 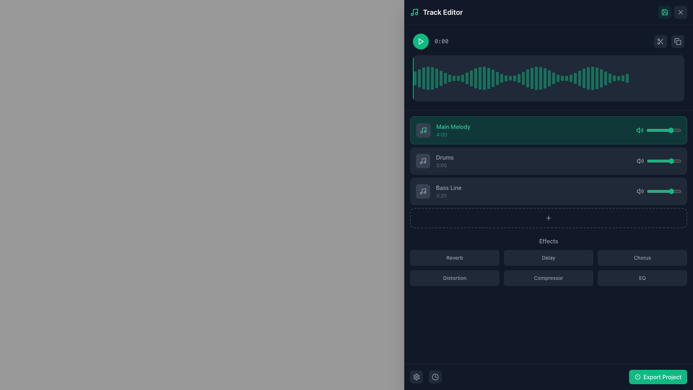 What do you see at coordinates (660, 42) in the screenshot?
I see `the cutting button located at the upper-right portion of the interface, adjacent to the waveform display area` at bounding box center [660, 42].